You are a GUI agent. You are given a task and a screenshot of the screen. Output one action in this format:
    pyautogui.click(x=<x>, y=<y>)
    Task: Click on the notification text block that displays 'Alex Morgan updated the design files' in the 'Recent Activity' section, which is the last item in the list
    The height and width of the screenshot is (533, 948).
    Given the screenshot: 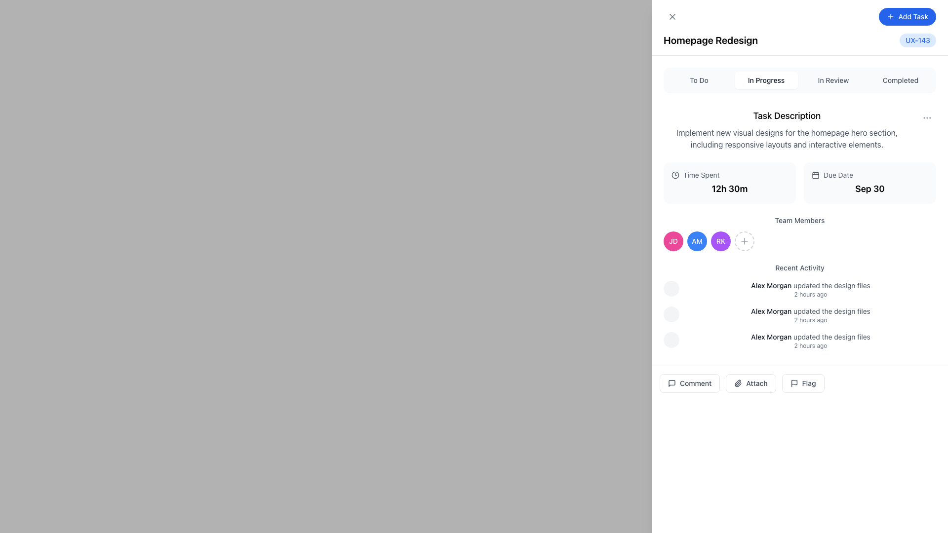 What is the action you would take?
    pyautogui.click(x=810, y=340)
    